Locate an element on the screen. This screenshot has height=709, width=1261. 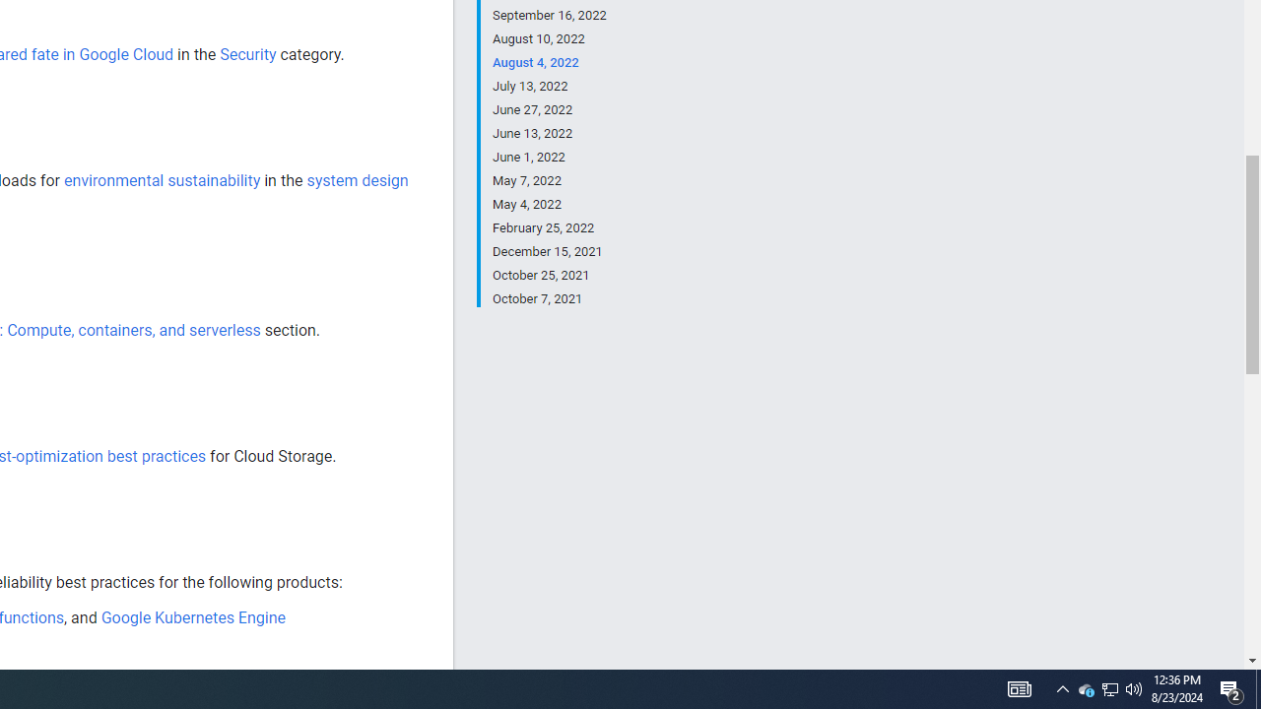
'May 4, 2022' is located at coordinates (549, 205).